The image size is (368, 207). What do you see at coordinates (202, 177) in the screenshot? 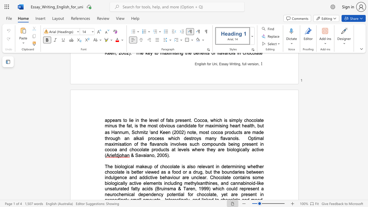
I see `the subset text "ar. Ch" within the text "whether chocolate is better viewed as a food or a drug, but the boundaries between indulgence and addictive behaviour are unclear. Chocolate"` at bounding box center [202, 177].